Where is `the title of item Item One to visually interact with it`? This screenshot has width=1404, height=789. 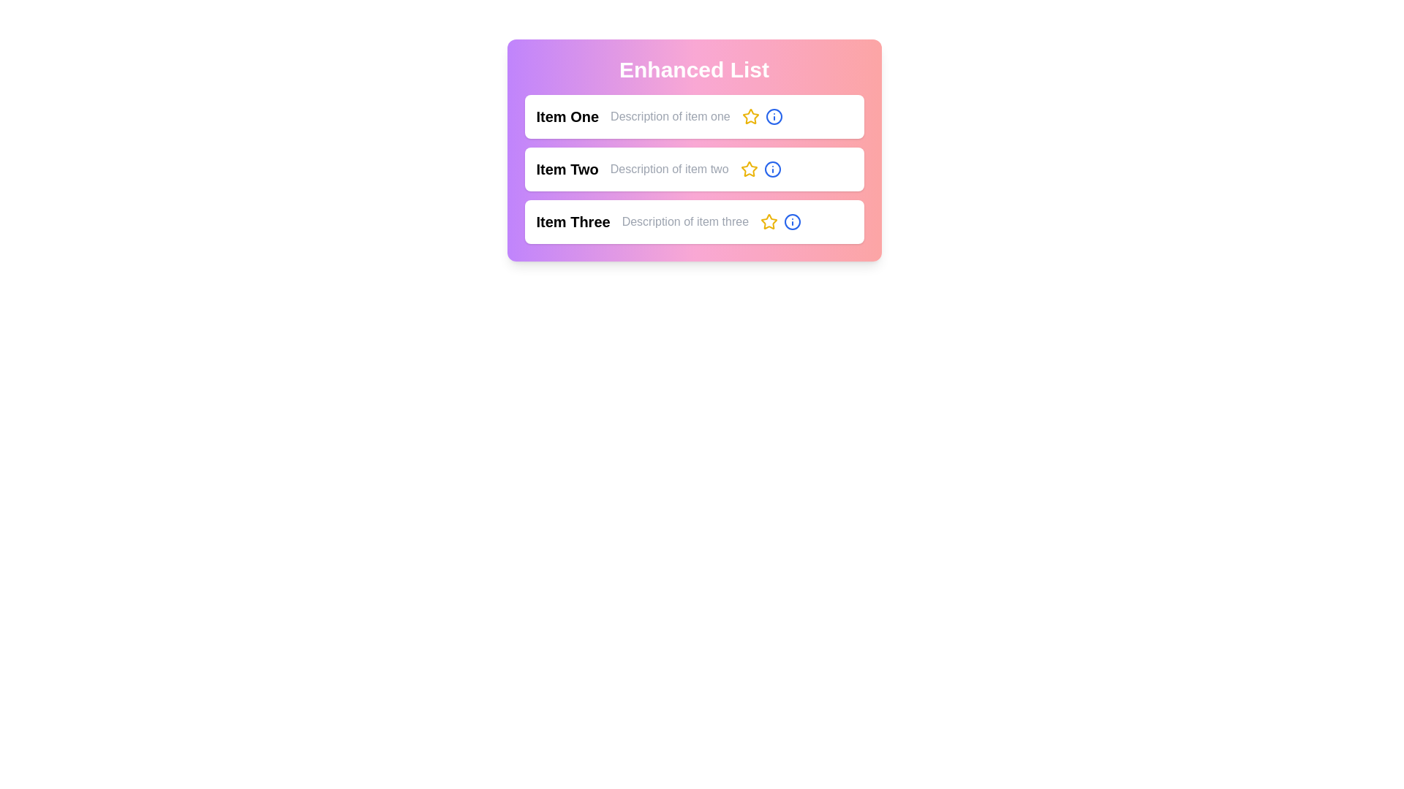 the title of item Item One to visually interact with it is located at coordinates (567, 115).